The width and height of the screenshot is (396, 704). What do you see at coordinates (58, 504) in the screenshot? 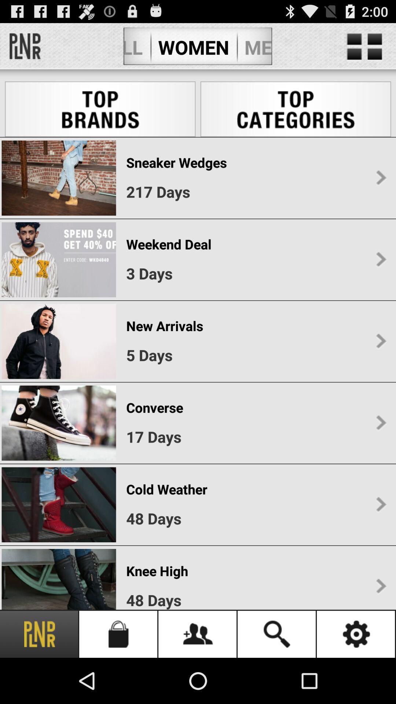
I see `the fifth image` at bounding box center [58, 504].